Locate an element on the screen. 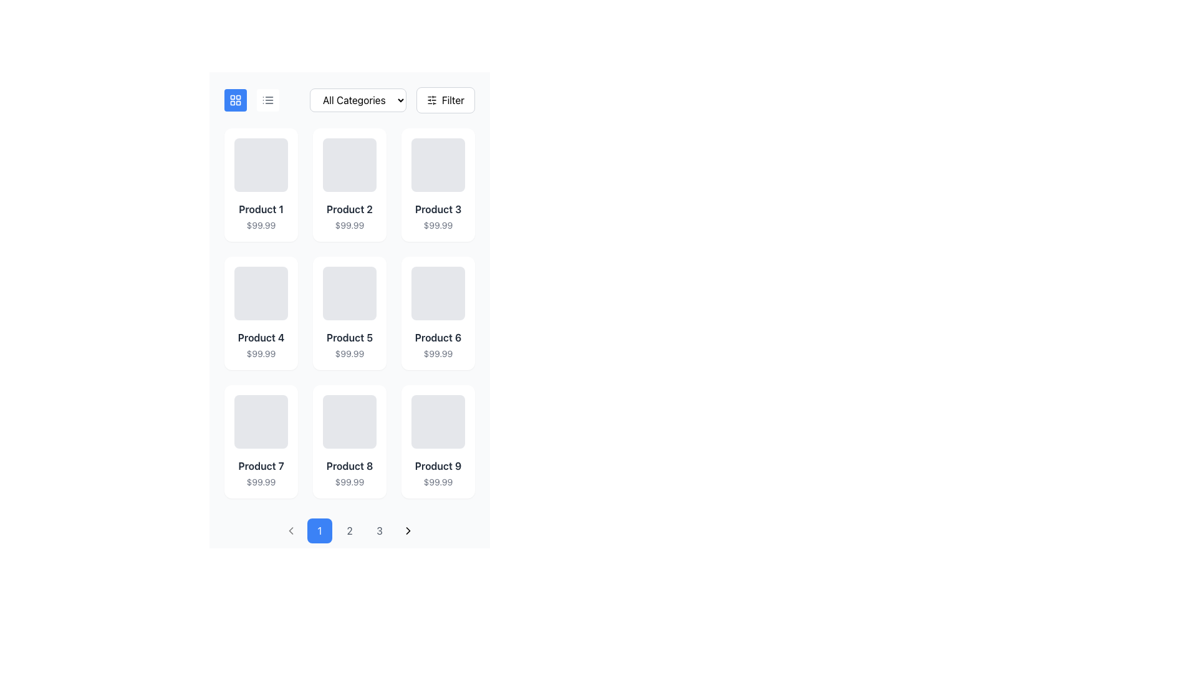 The width and height of the screenshot is (1197, 673). the product card for 'Product 8' priced at $99.99 is located at coordinates (349, 441).